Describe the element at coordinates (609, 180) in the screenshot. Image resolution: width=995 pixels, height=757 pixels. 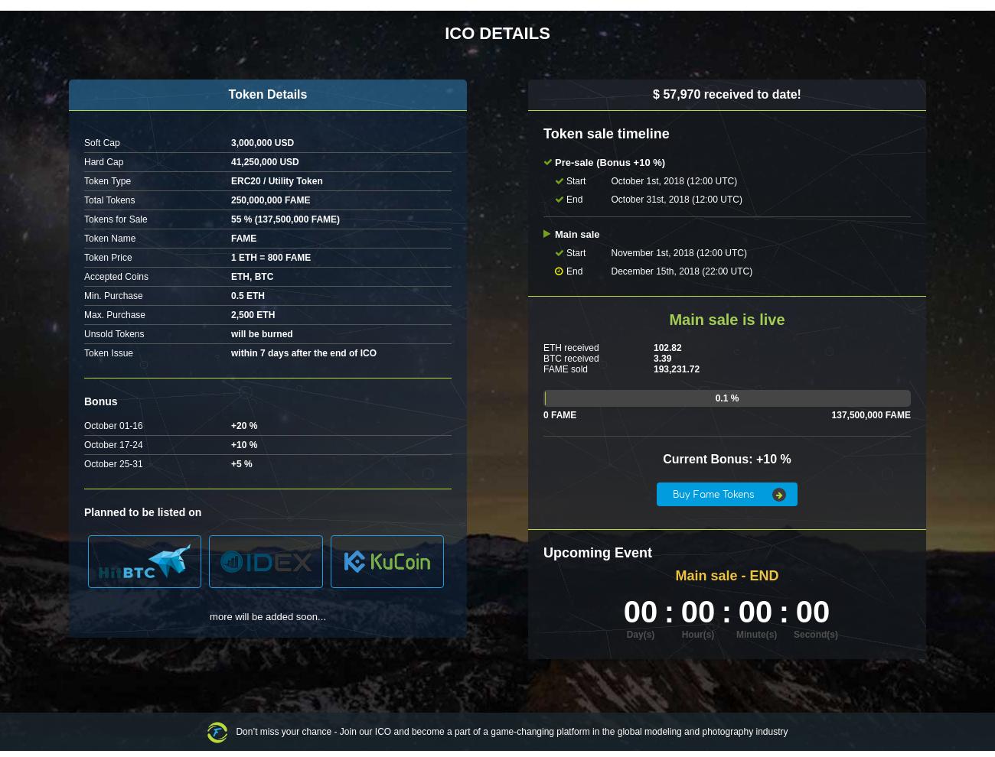
I see `'October 1st, 2018 (12:00 UTC)'` at that location.